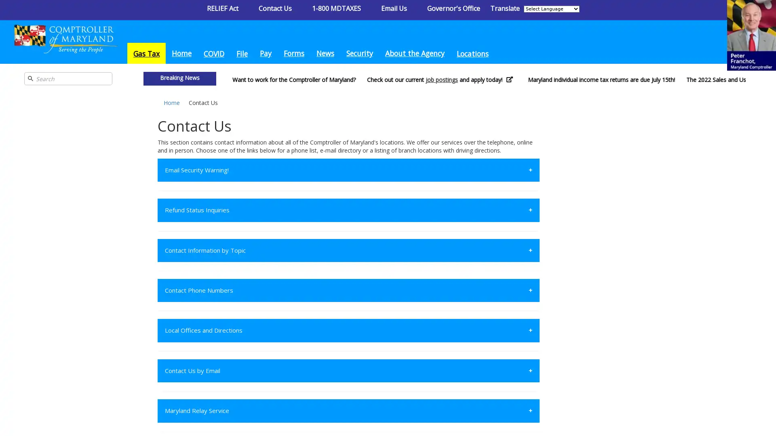 This screenshot has width=776, height=436. Describe the element at coordinates (348, 353) in the screenshot. I see `Regulatory +` at that location.